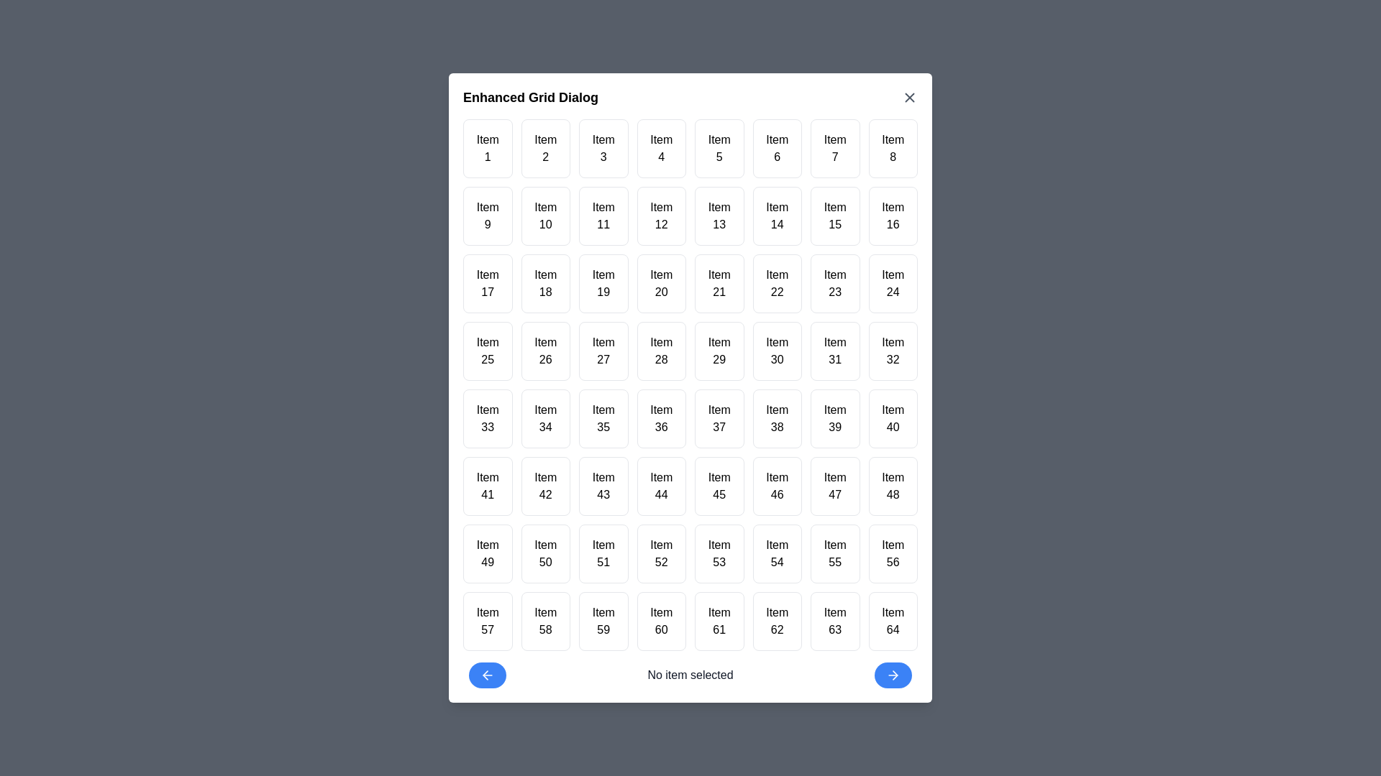  What do you see at coordinates (487, 675) in the screenshot?
I see `the left navigation button to navigate to the previous page` at bounding box center [487, 675].